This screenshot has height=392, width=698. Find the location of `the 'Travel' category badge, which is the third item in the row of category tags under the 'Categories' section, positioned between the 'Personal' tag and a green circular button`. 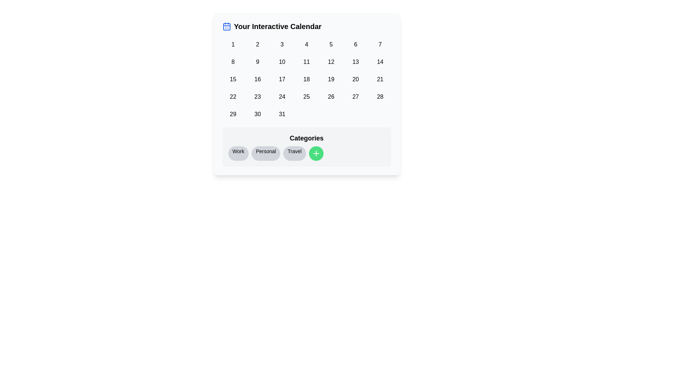

the 'Travel' category badge, which is the third item in the row of category tags under the 'Categories' section, positioned between the 'Personal' tag and a green circular button is located at coordinates (294, 153).